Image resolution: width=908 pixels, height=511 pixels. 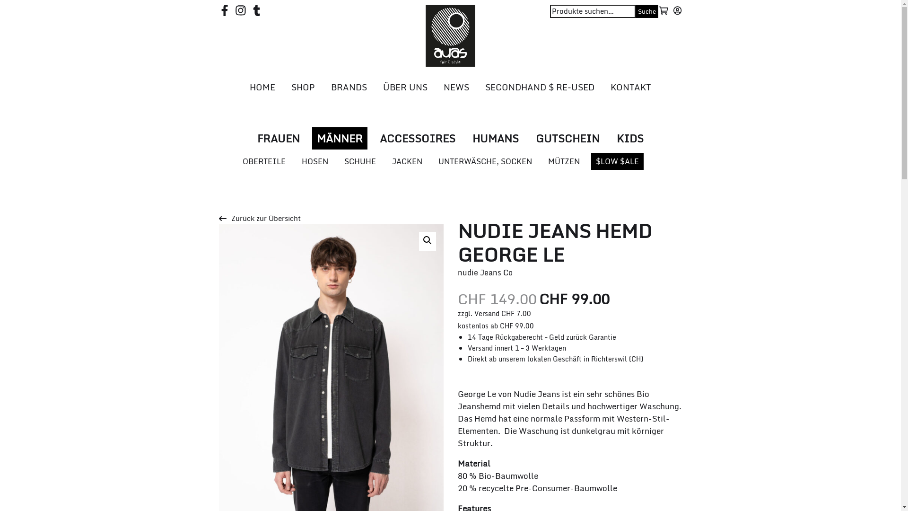 I want to click on 'HUMANS', so click(x=495, y=138).